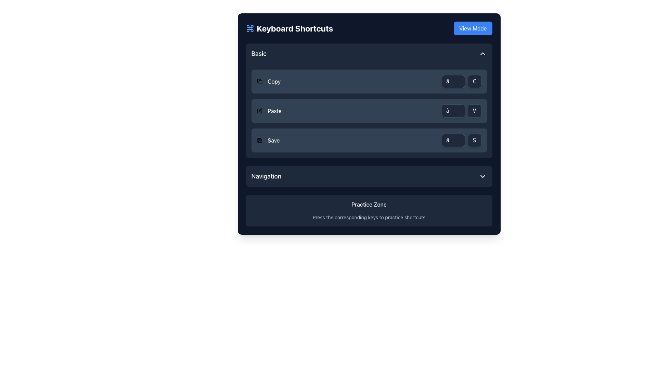 This screenshot has width=657, height=370. What do you see at coordinates (259, 81) in the screenshot?
I see `the copy functionality icon located in the 'Basic' section of the 'Keyboard Shortcuts' interface, which is positioned at the top-left corner with a label 'Copy' on its right` at bounding box center [259, 81].